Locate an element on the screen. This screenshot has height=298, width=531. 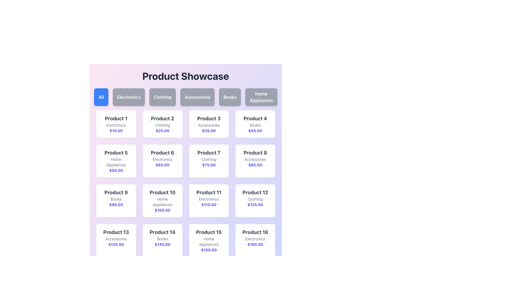
the card displaying 'Product 2' which has rounded corners, a shadow effect, and a white background, showing the product name in bold gray text, category in lighter gray, and price in bold indigo color is located at coordinates (162, 124).